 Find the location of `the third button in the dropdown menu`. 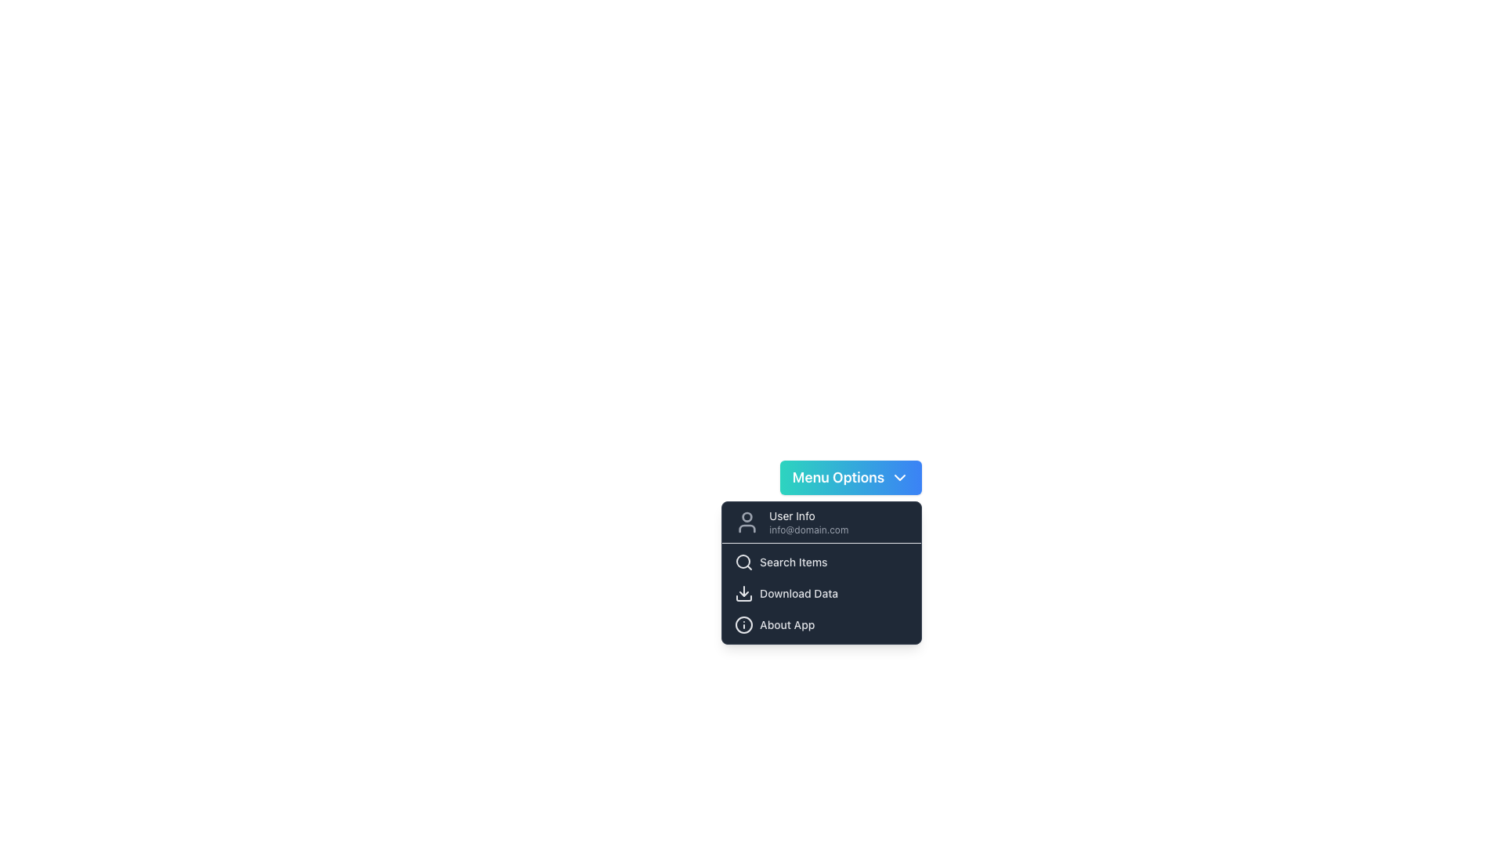

the third button in the dropdown menu is located at coordinates (821, 624).